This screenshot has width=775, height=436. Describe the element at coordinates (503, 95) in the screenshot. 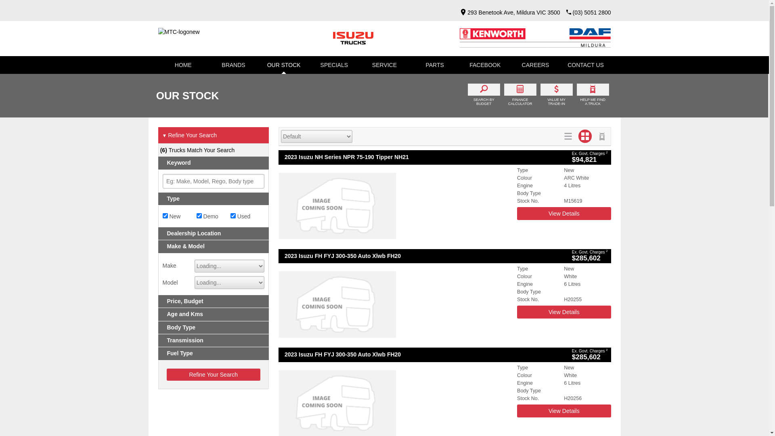

I see `'FINANCE CALCULATOR'` at that location.